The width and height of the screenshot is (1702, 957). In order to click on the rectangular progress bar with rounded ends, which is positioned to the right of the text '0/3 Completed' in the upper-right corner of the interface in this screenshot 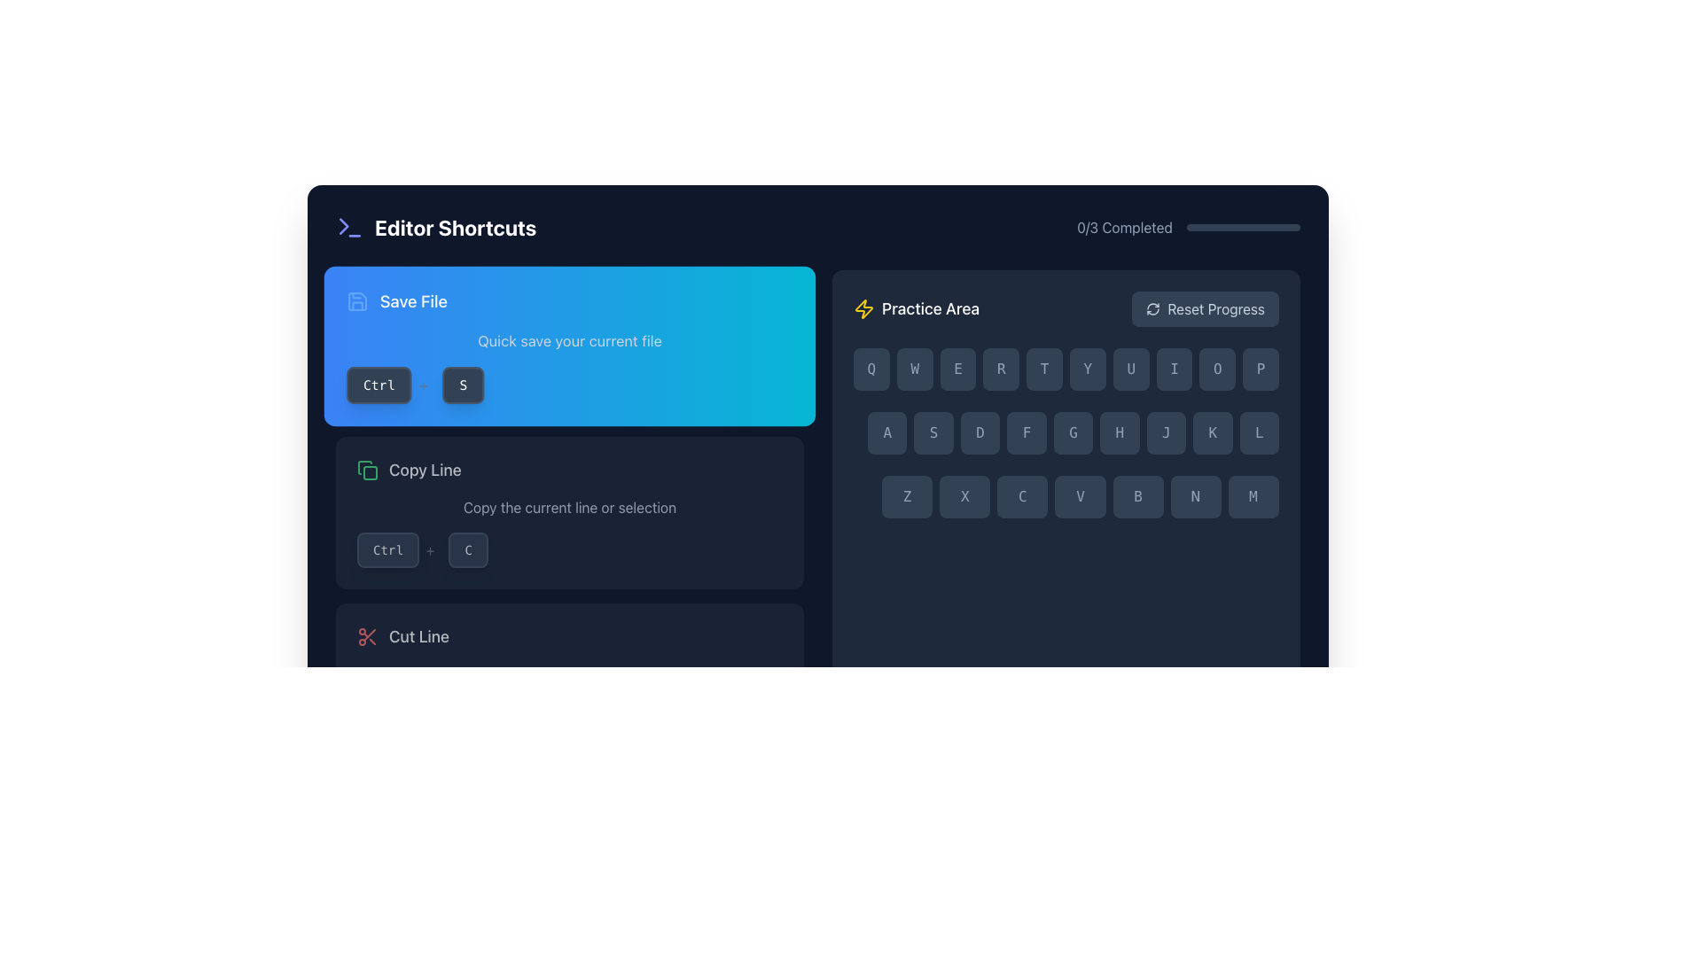, I will do `click(1242, 227)`.